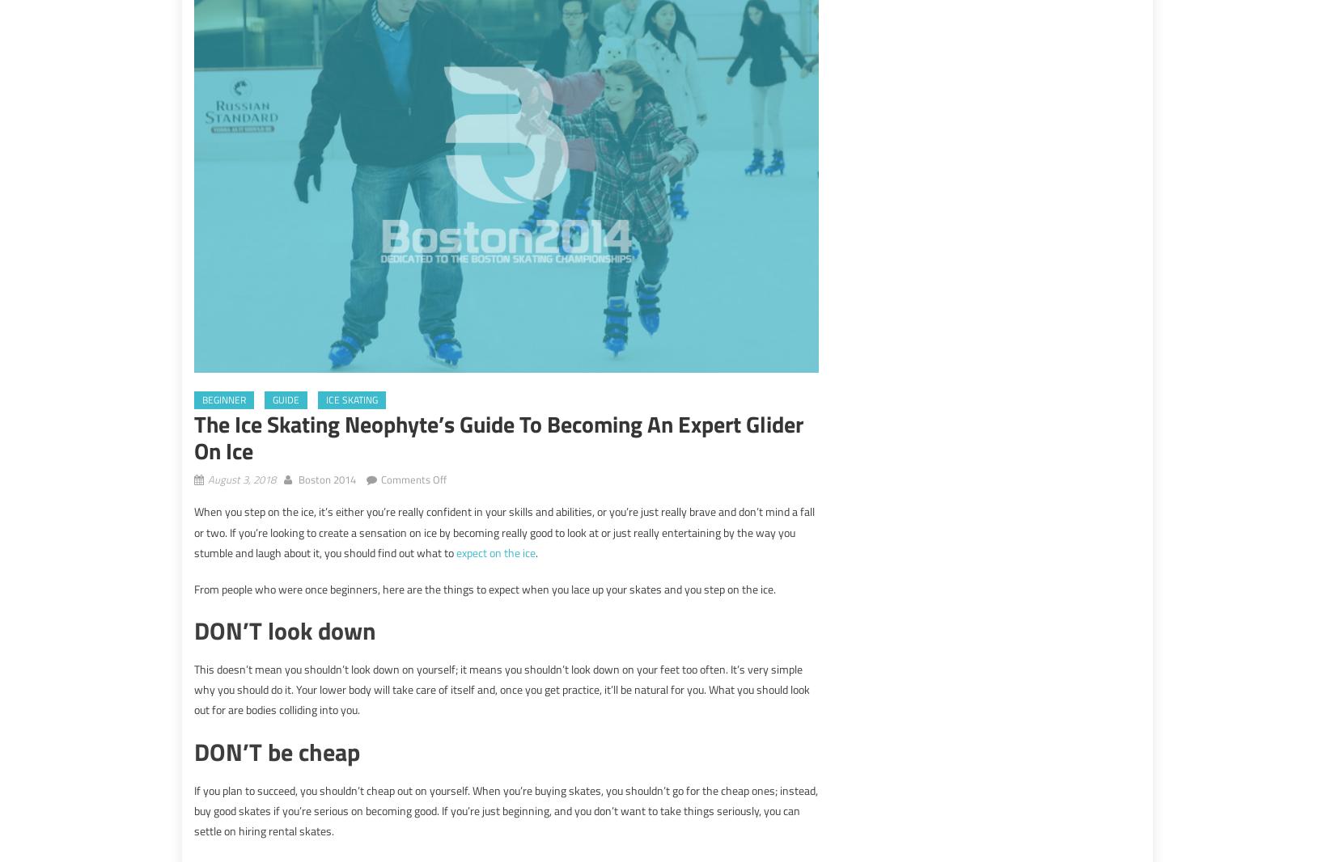 The width and height of the screenshot is (1335, 862). Describe the element at coordinates (285, 629) in the screenshot. I see `'DON’T look down'` at that location.